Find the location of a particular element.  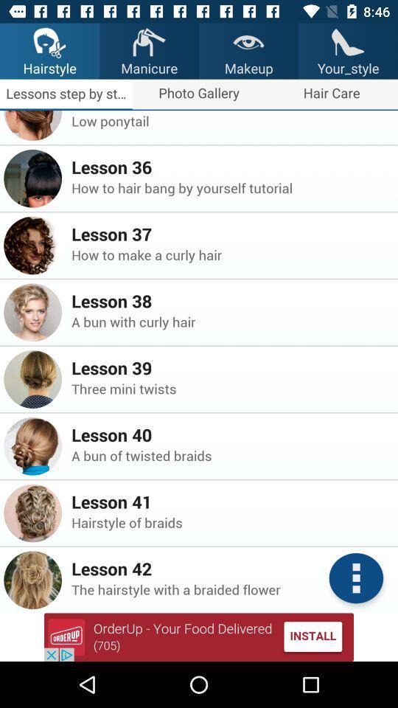

the more icon is located at coordinates (355, 578).